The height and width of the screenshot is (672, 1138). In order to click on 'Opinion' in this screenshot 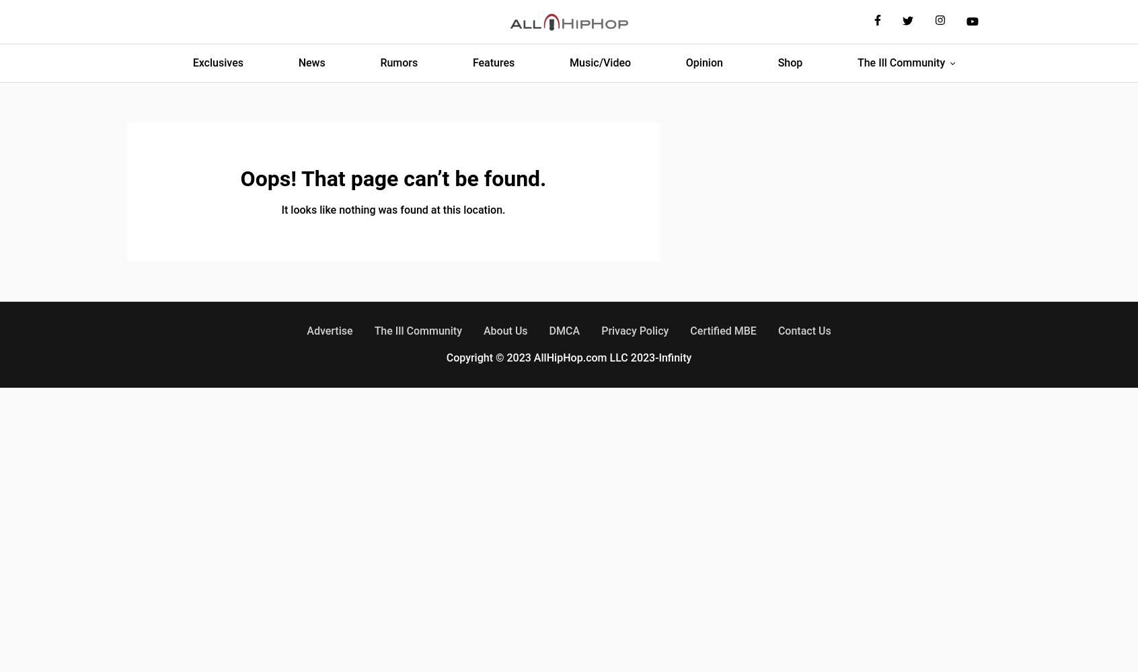, I will do `click(703, 62)`.